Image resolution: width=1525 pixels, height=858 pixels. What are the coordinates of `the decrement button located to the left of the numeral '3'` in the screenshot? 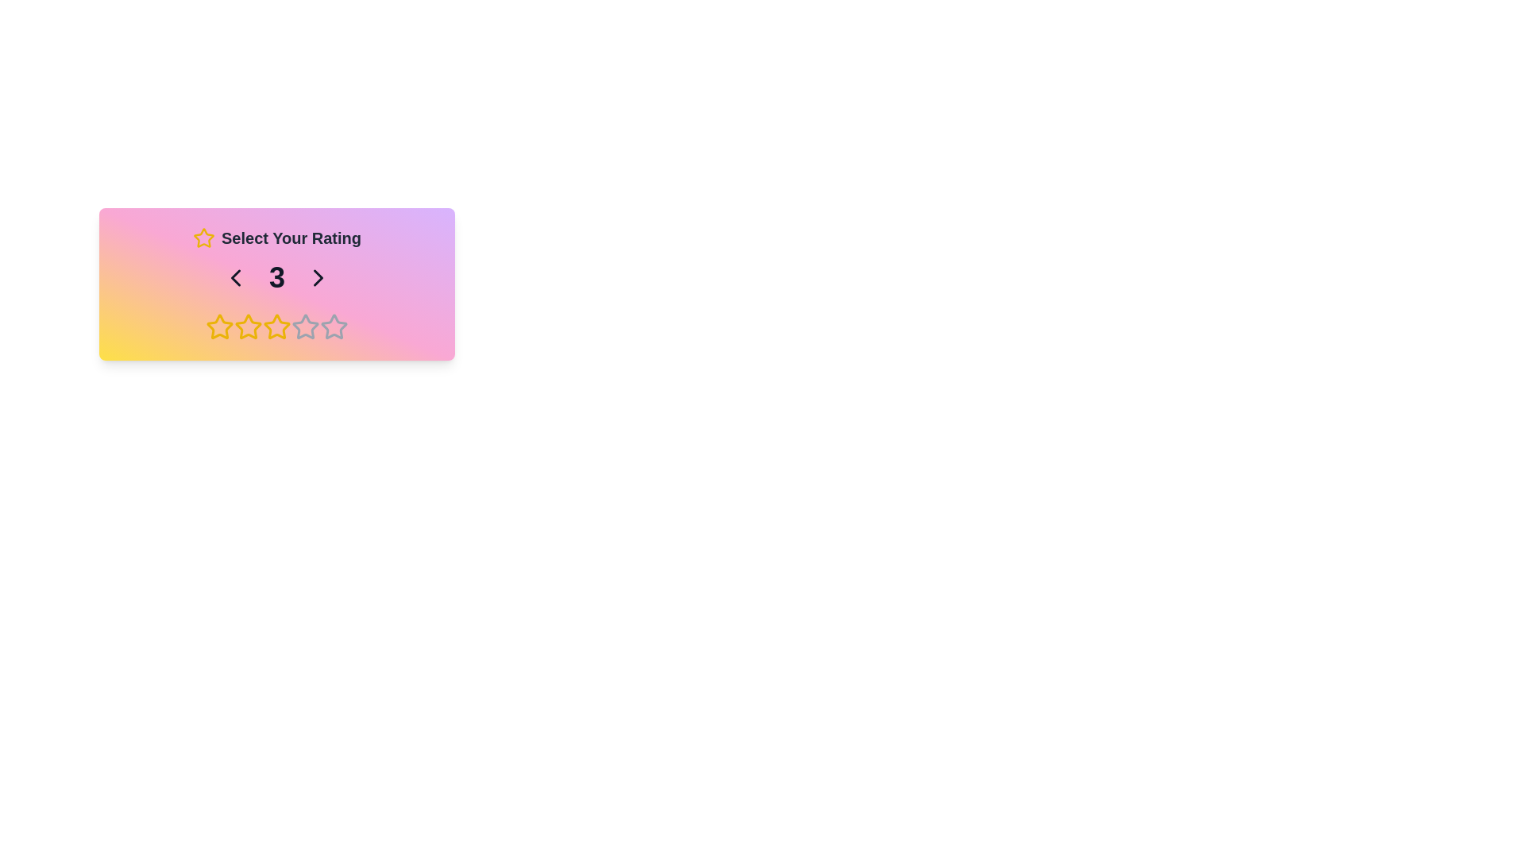 It's located at (235, 277).